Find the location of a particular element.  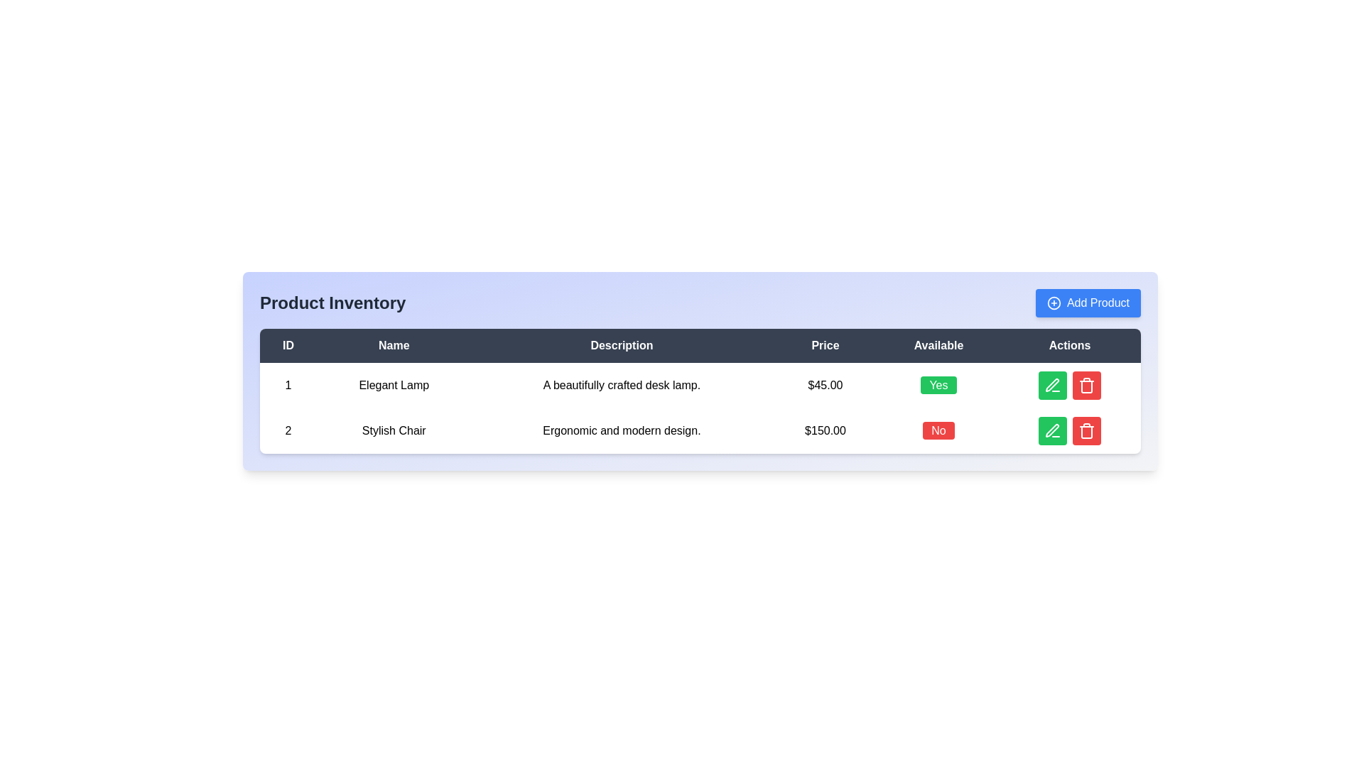

the green button with a pen icon in the 'Actions' column of the table is located at coordinates (1053, 430).